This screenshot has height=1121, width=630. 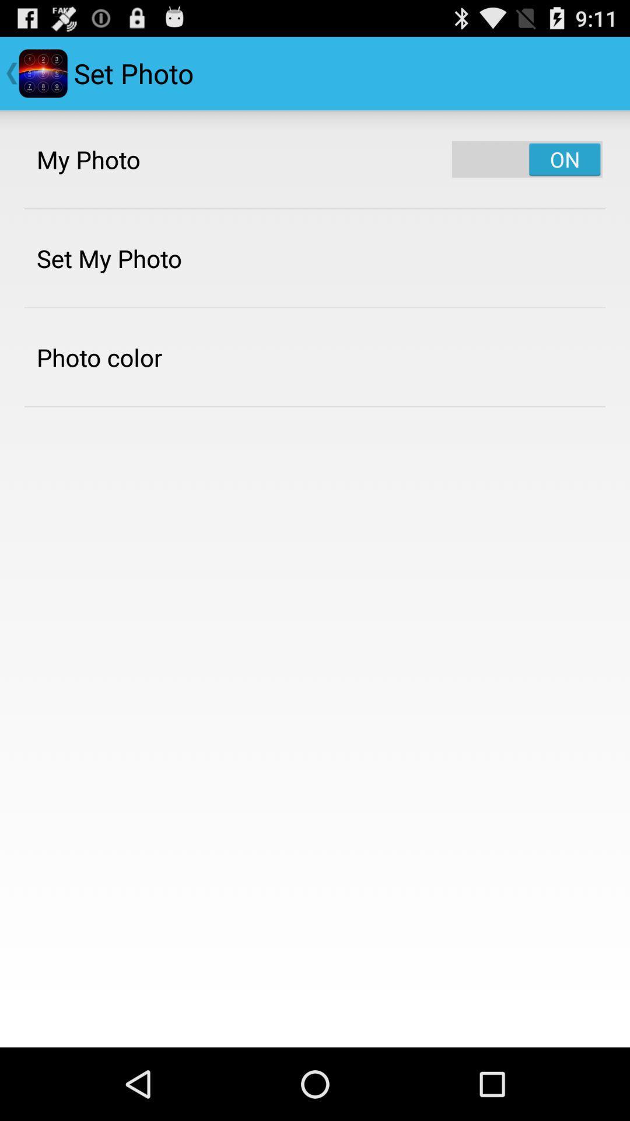 What do you see at coordinates (99, 357) in the screenshot?
I see `the photo color app` at bounding box center [99, 357].